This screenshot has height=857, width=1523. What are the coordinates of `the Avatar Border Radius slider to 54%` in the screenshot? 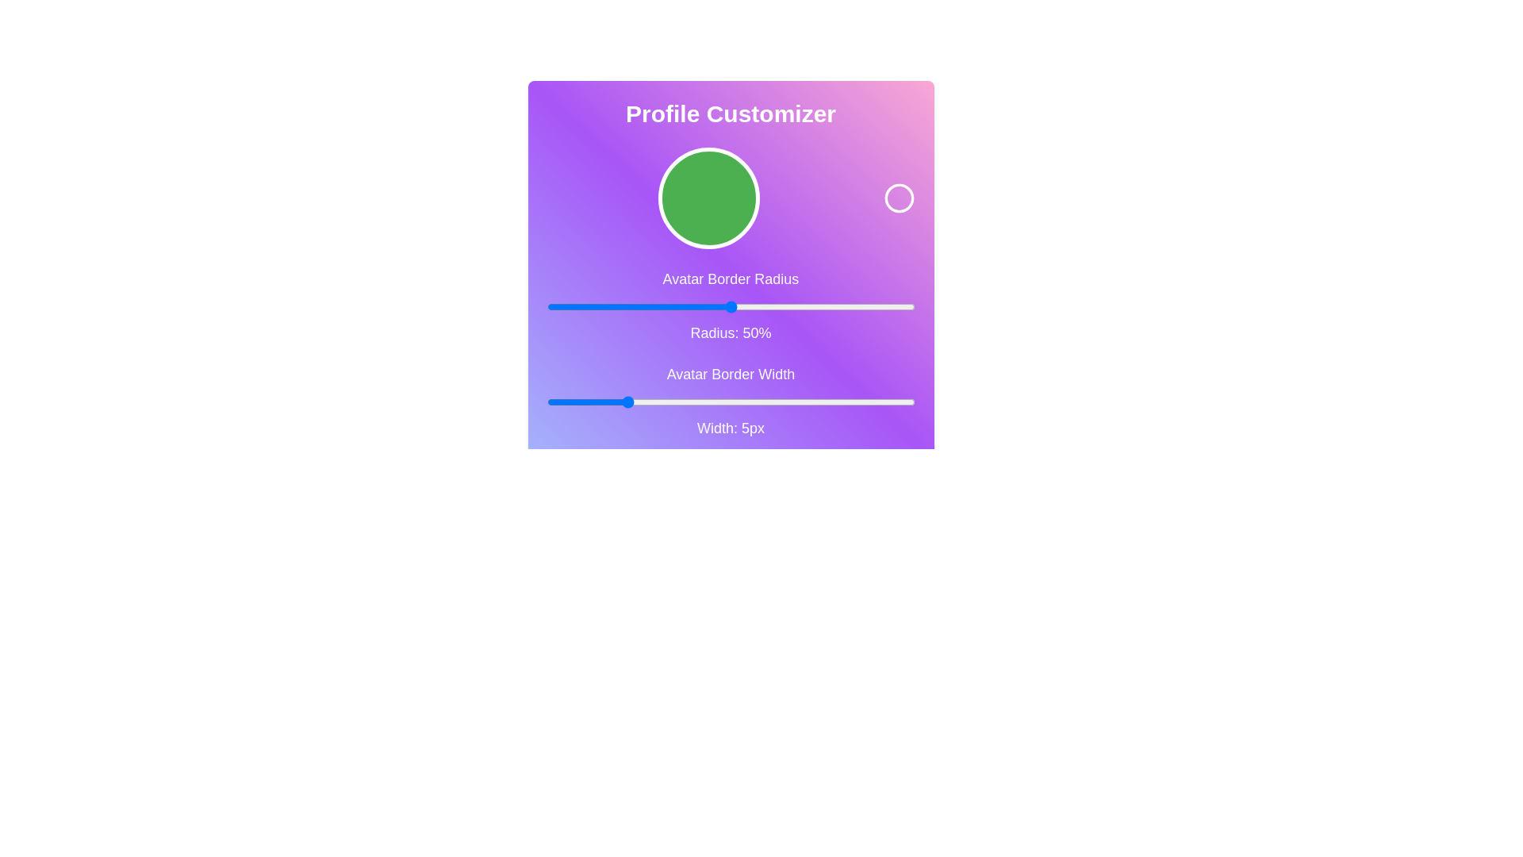 It's located at (745, 306).